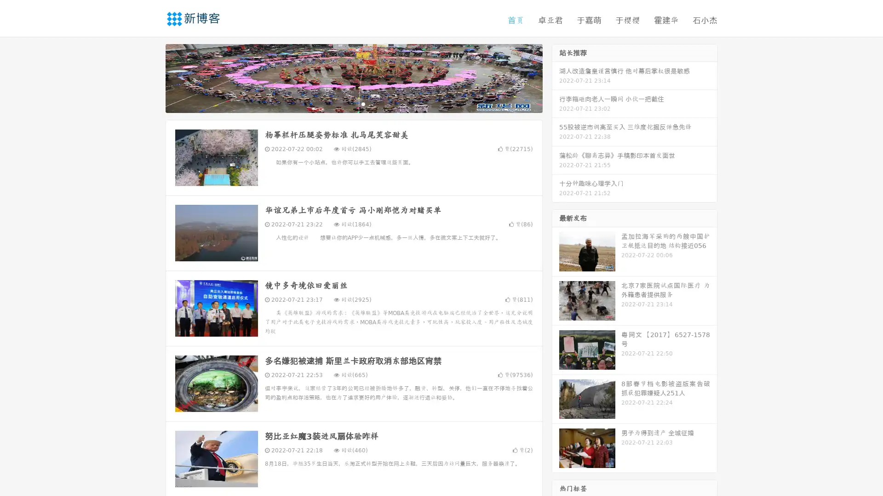 This screenshot has width=883, height=496. Describe the element at coordinates (344, 103) in the screenshot. I see `Go to slide 1` at that location.